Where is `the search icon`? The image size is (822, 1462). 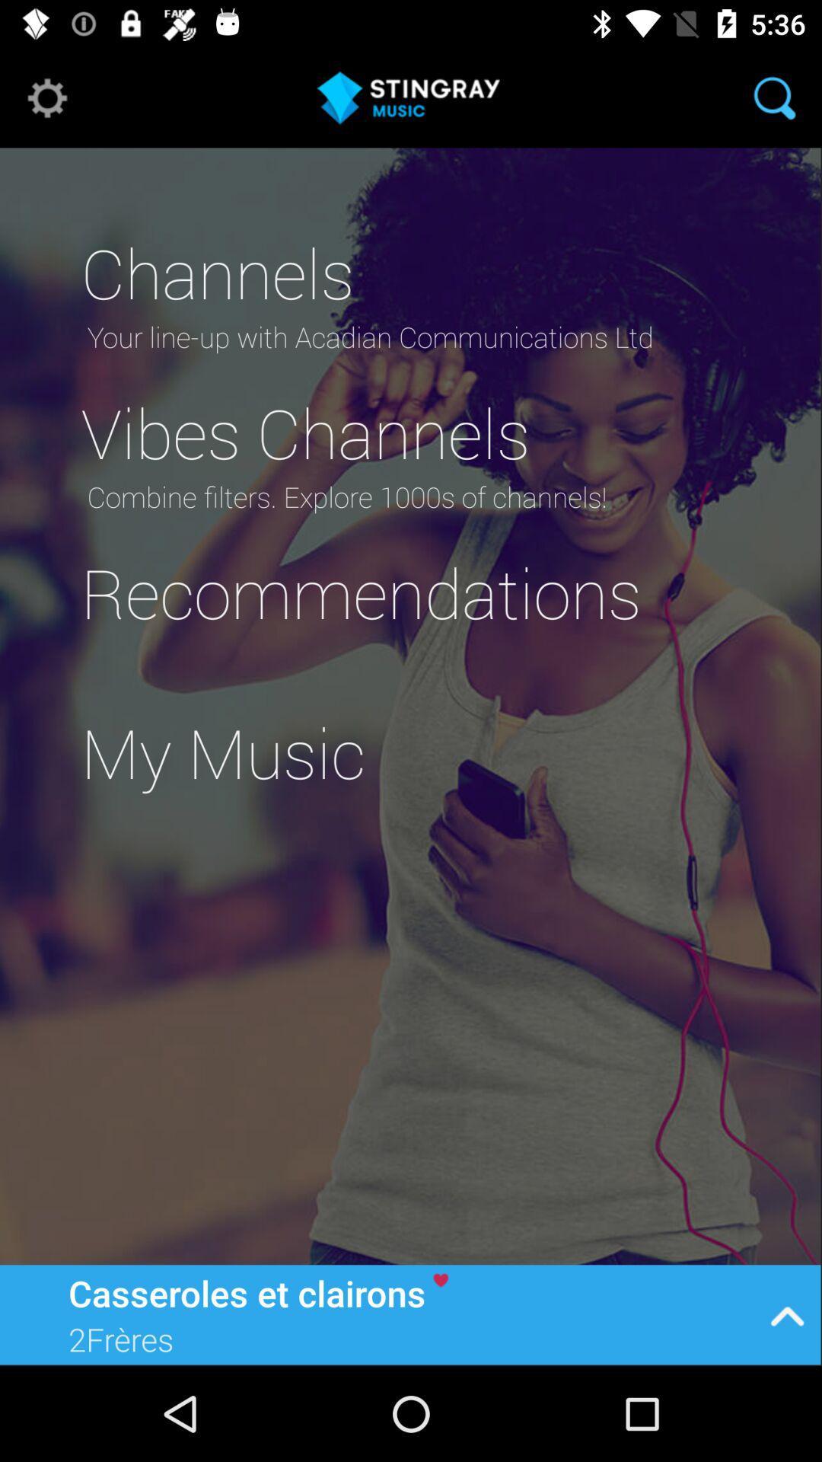 the search icon is located at coordinates (774, 97).